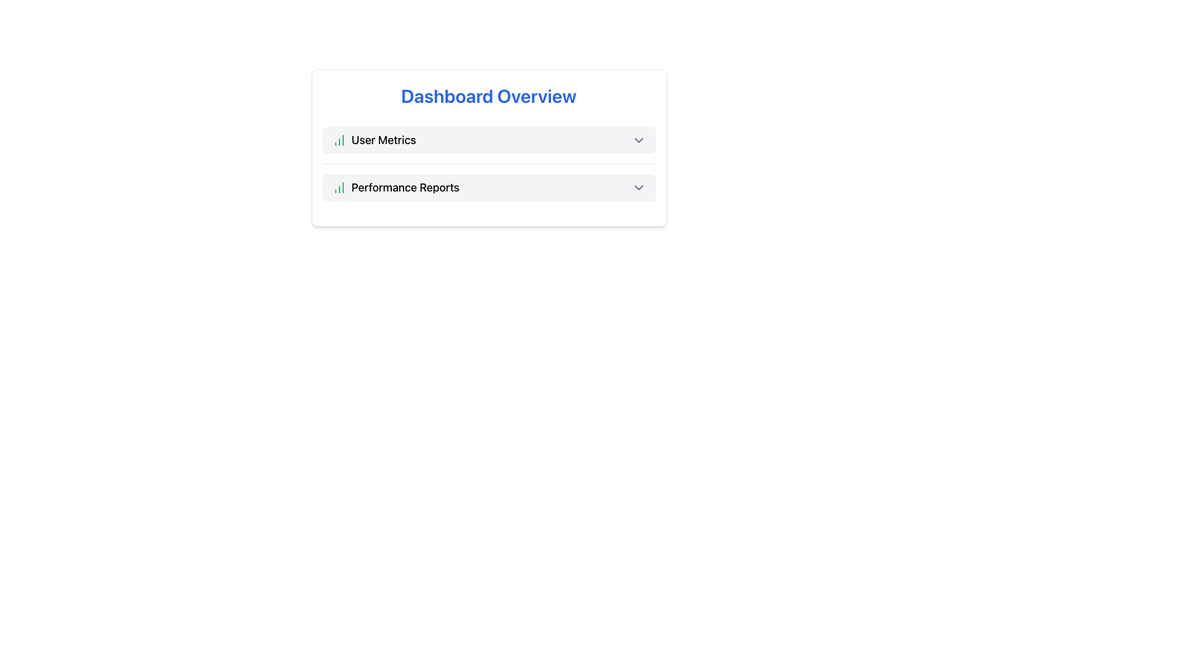 Image resolution: width=1183 pixels, height=665 pixels. Describe the element at coordinates (638, 187) in the screenshot. I see `the toggle icon located at the far right of the 'Performance Reports' section` at that location.